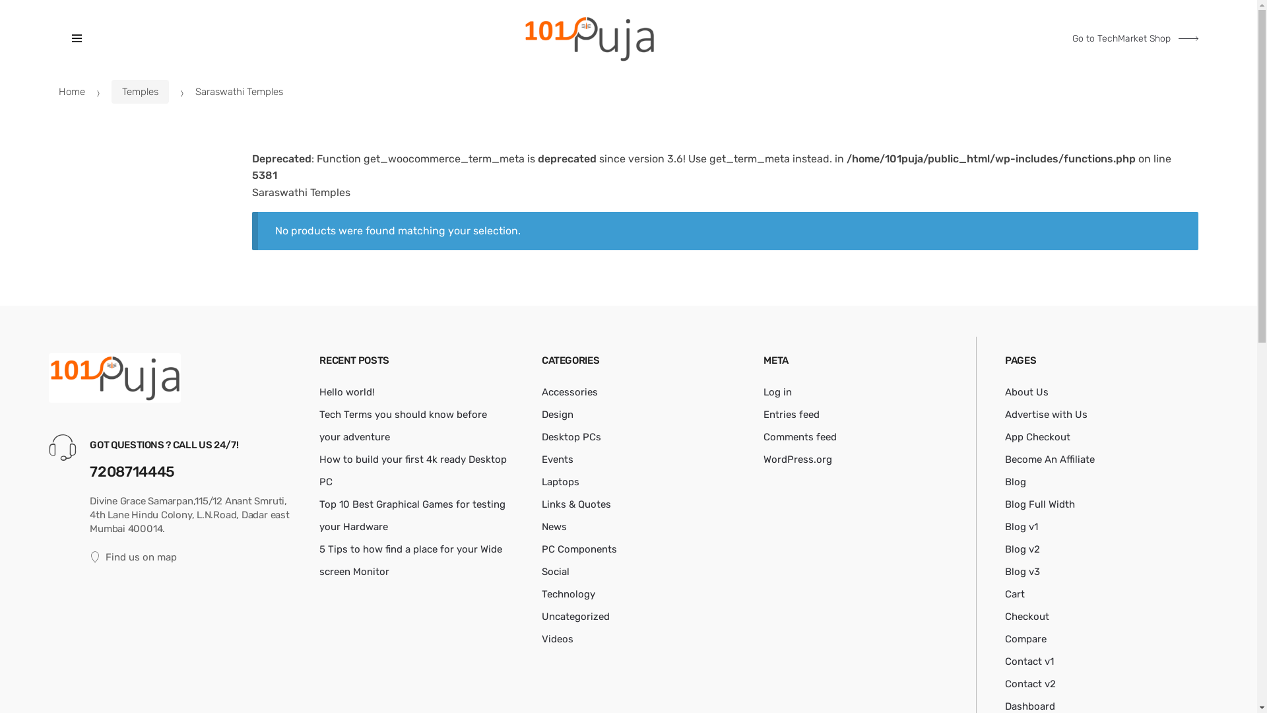 Image resolution: width=1267 pixels, height=713 pixels. I want to click on 'Blog', so click(1015, 481).